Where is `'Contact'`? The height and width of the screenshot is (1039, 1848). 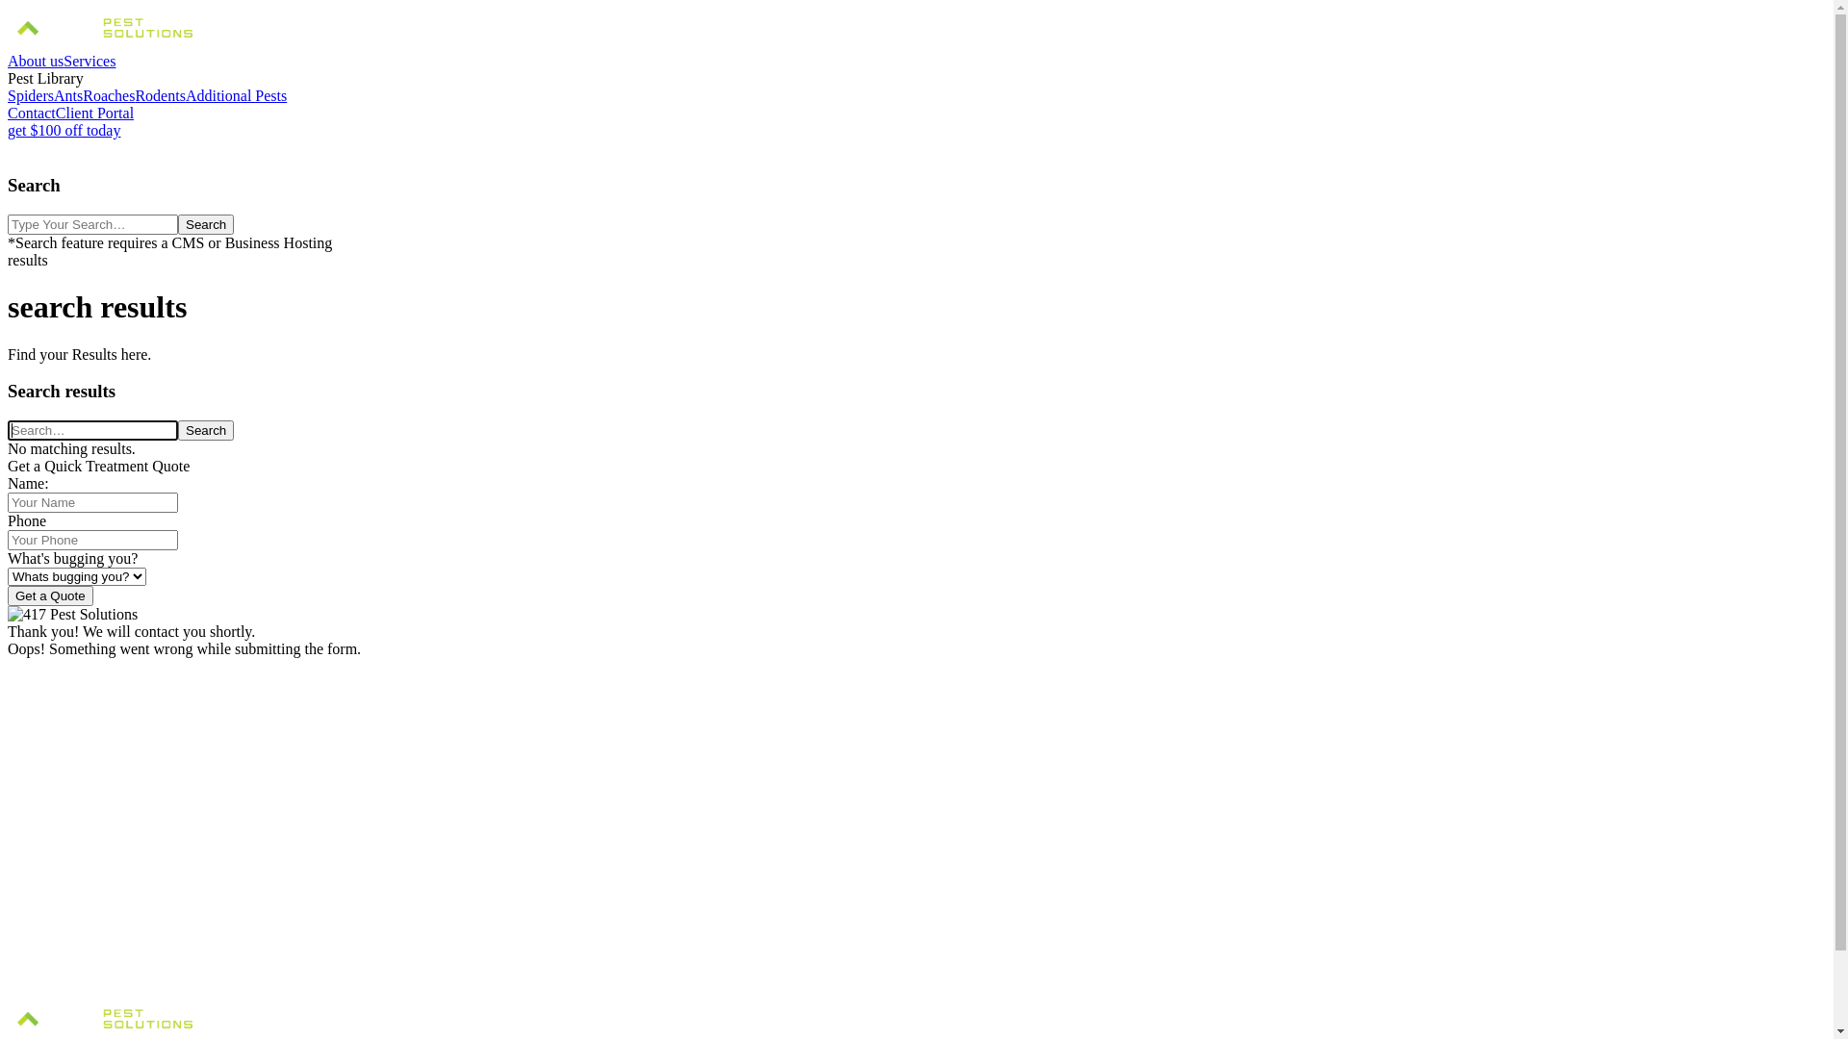 'Contact' is located at coordinates (32, 113).